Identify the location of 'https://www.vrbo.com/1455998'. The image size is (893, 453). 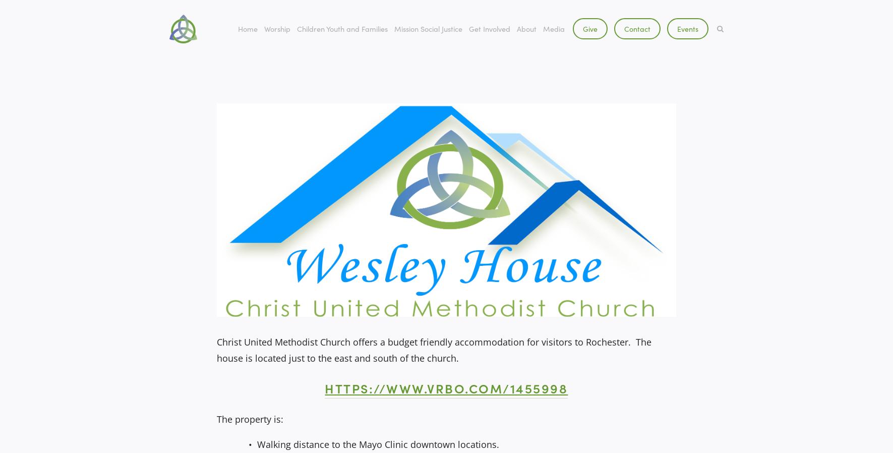
(445, 388).